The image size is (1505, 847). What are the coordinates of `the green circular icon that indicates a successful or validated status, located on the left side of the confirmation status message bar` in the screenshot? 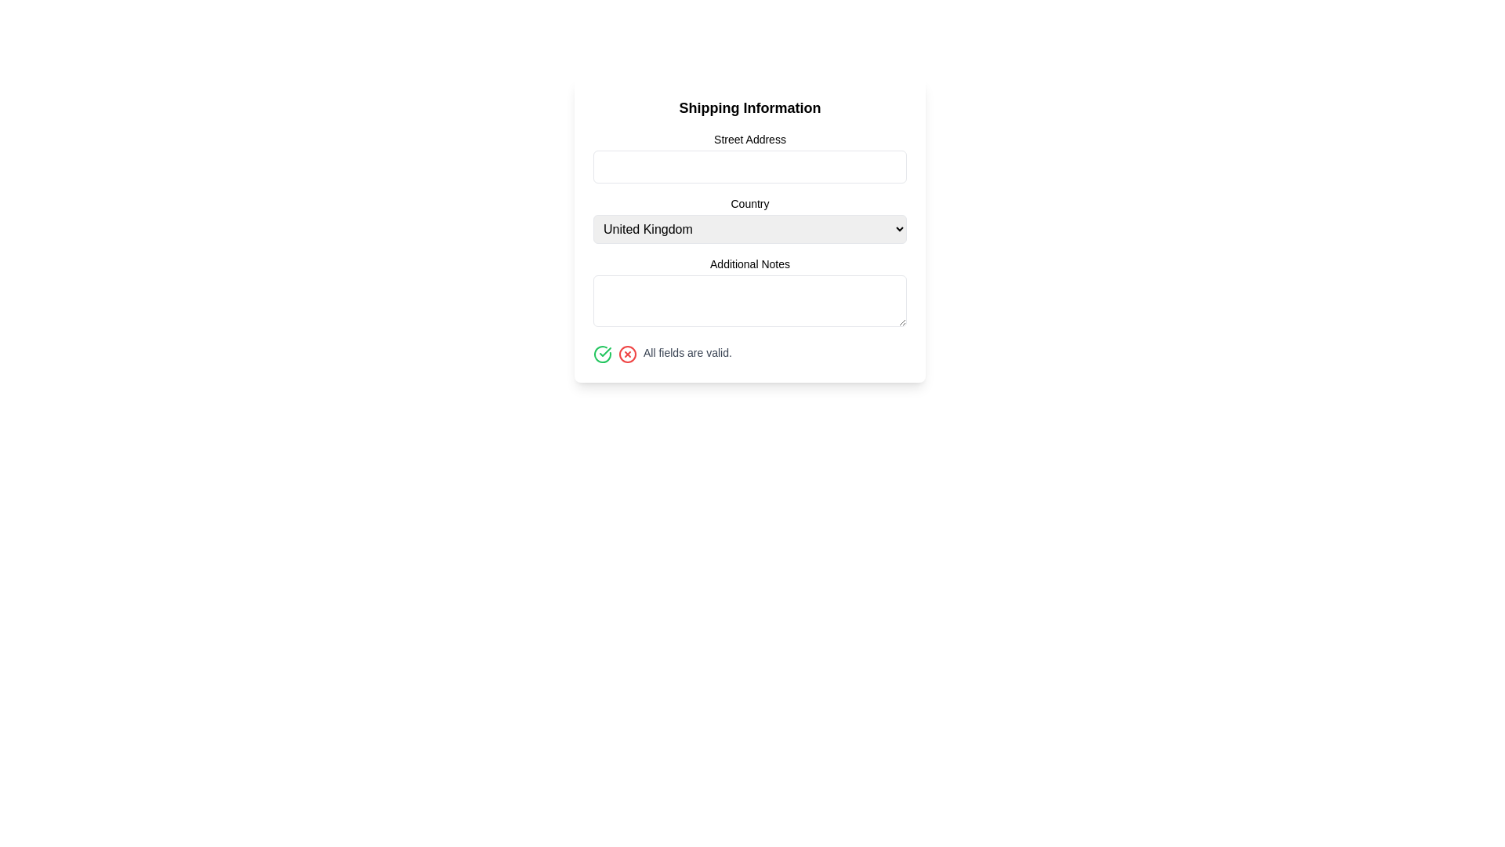 It's located at (604, 351).